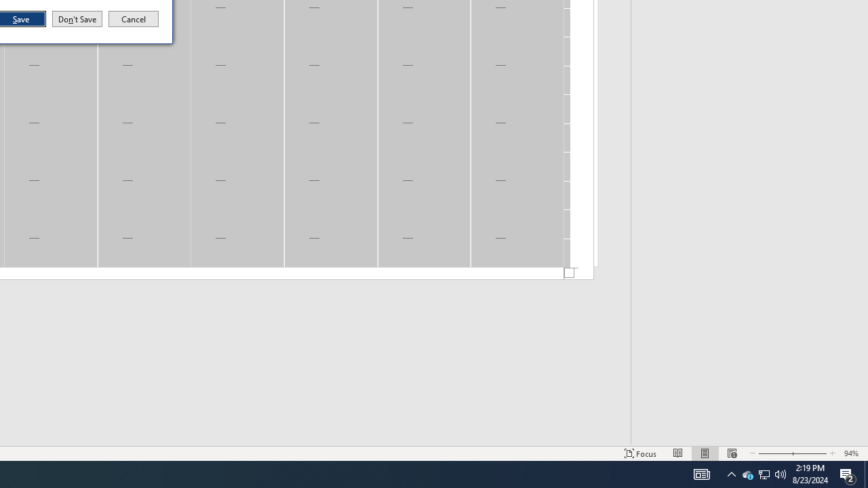  Describe the element at coordinates (731, 473) in the screenshot. I see `'Notification Chevron'` at that location.